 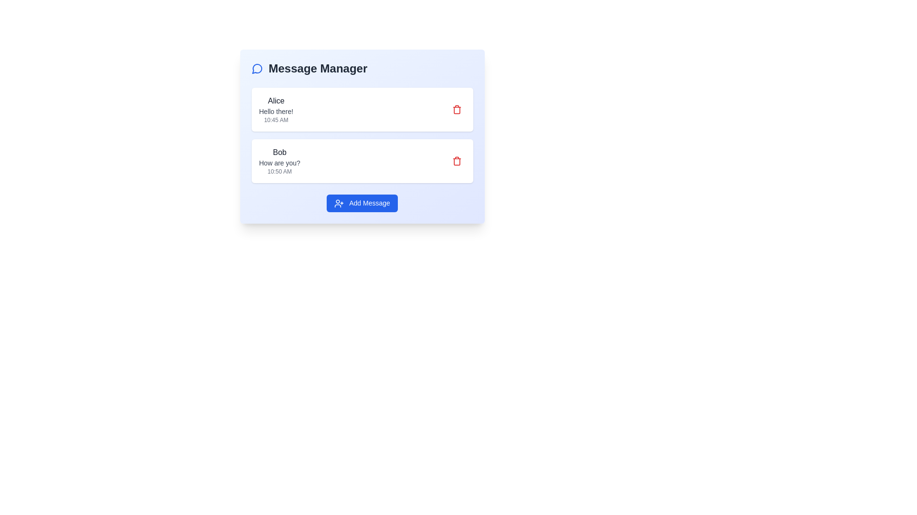 I want to click on the blue outlined circular icon resembling a message bubble located to the left of the 'Message Manager' title in the header section, so click(x=257, y=68).